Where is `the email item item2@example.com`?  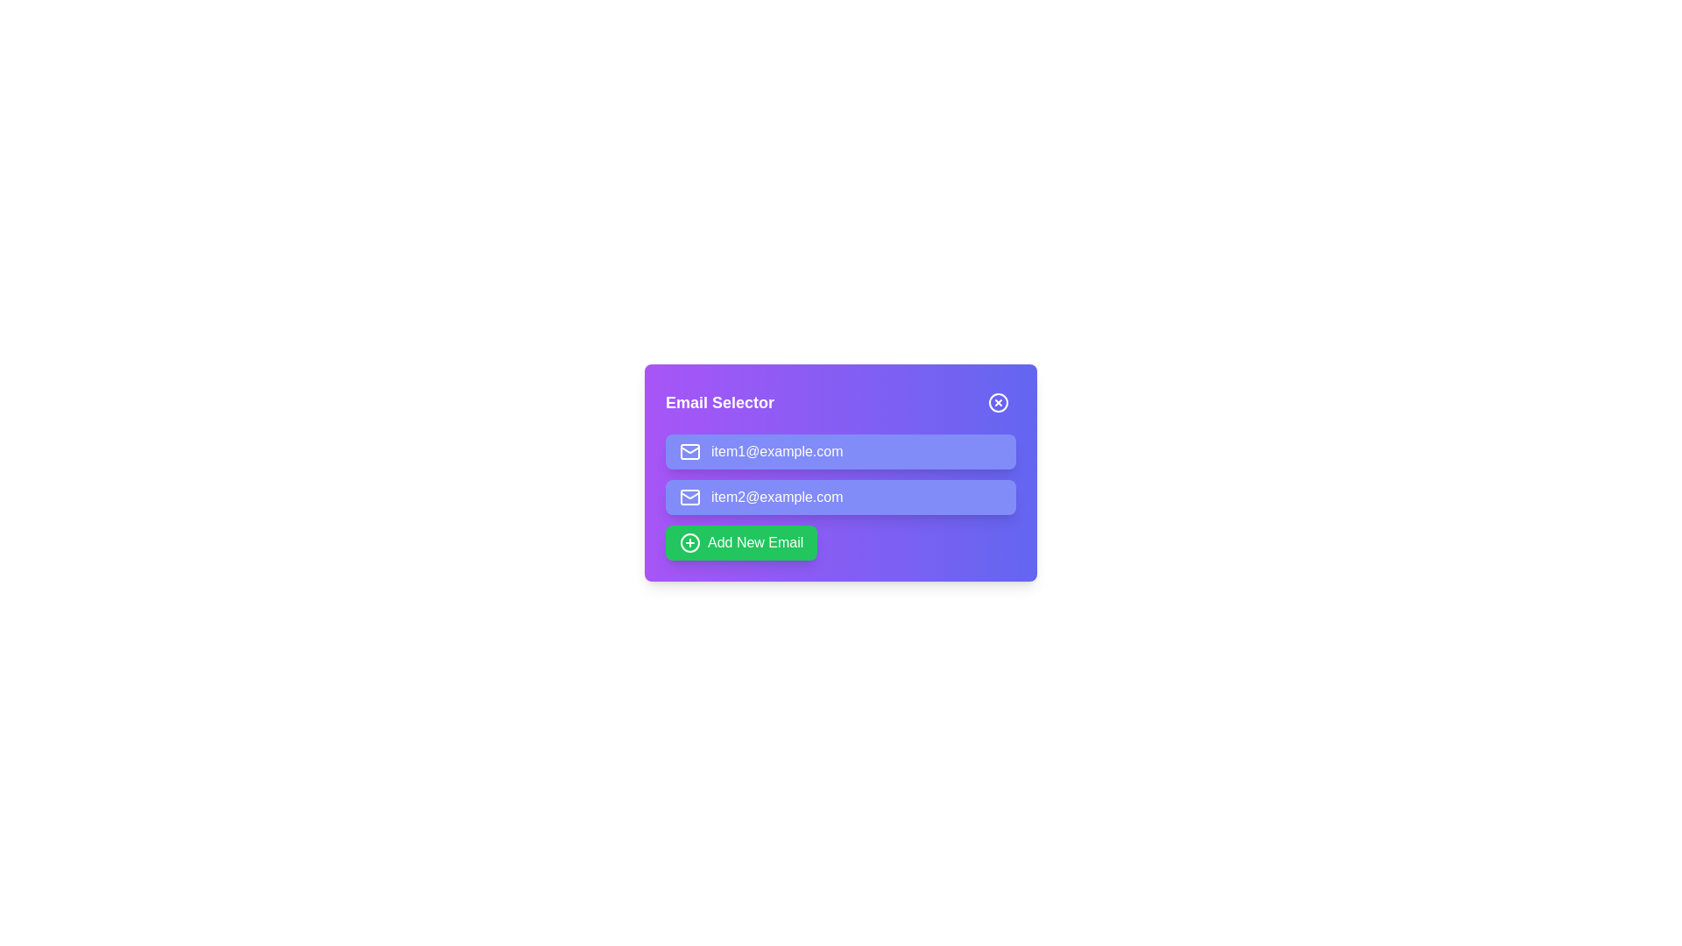
the email item item2@example.com is located at coordinates (841, 497).